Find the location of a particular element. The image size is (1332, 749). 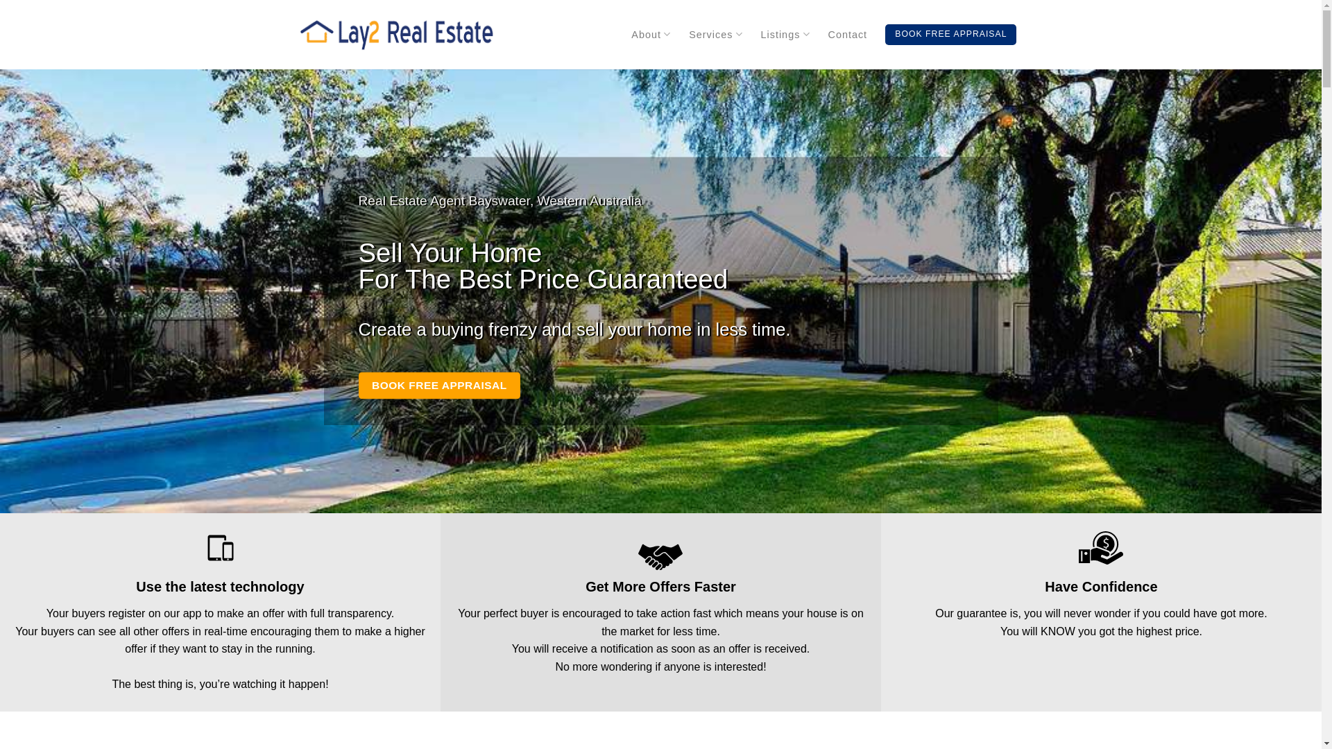

'Contact' is located at coordinates (847, 34).